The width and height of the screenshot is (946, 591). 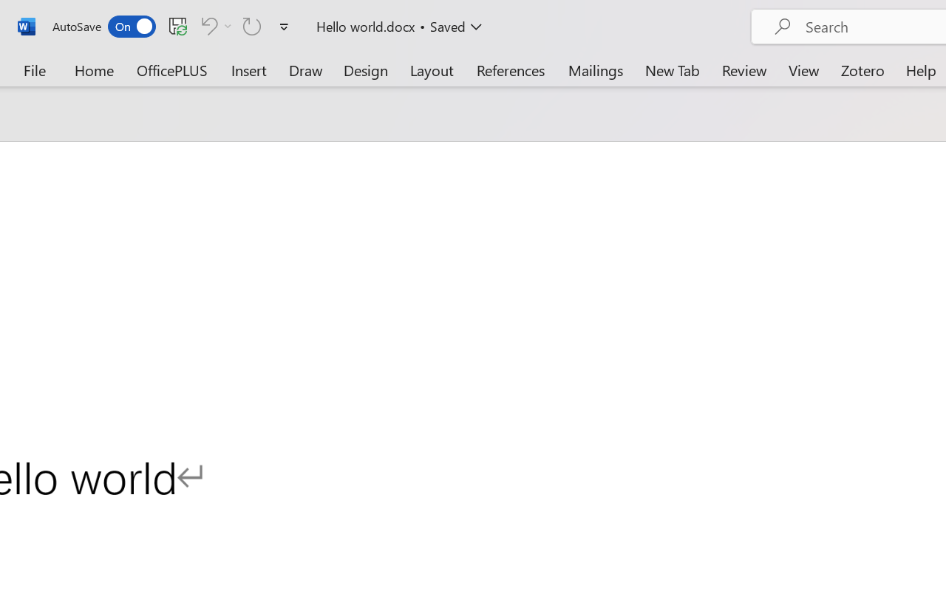 What do you see at coordinates (173, 26) in the screenshot?
I see `'Quick Access Toolbar'` at bounding box center [173, 26].